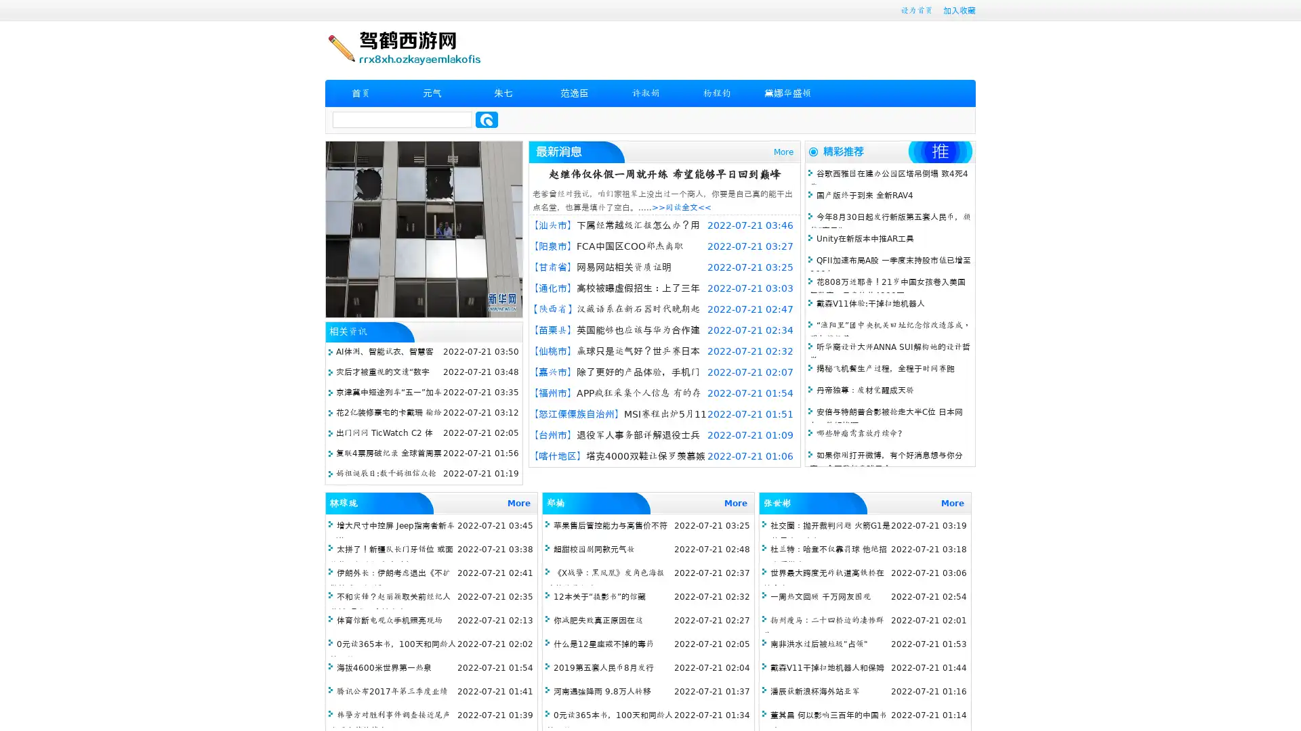 The height and width of the screenshot is (731, 1301). I want to click on Search, so click(487, 119).